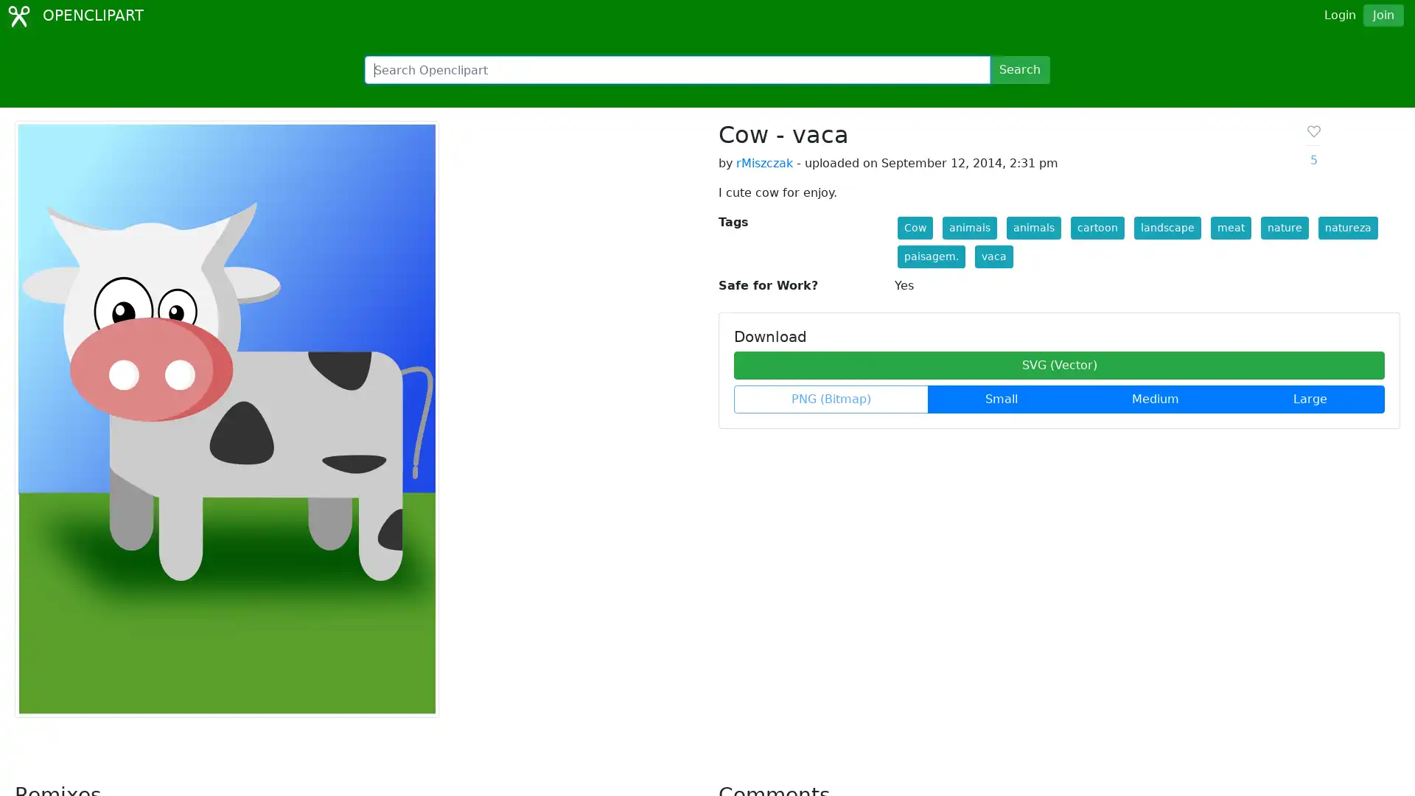 The image size is (1415, 796). What do you see at coordinates (1001, 399) in the screenshot?
I see `Small` at bounding box center [1001, 399].